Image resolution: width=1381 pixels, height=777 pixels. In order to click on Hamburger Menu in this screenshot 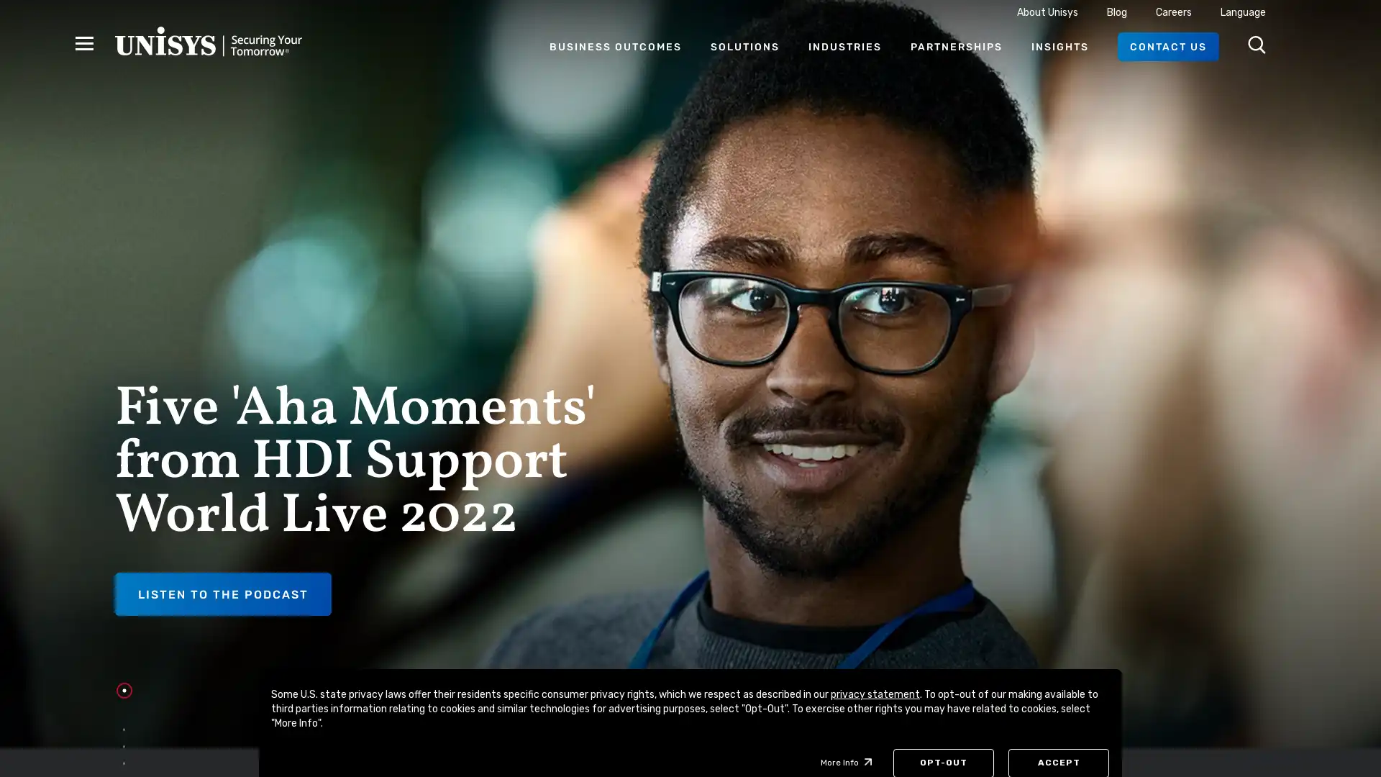, I will do `click(83, 42)`.